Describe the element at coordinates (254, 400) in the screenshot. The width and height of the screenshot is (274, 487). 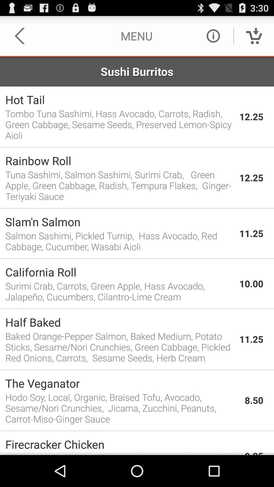
I see `item next to the the veganator item` at that location.